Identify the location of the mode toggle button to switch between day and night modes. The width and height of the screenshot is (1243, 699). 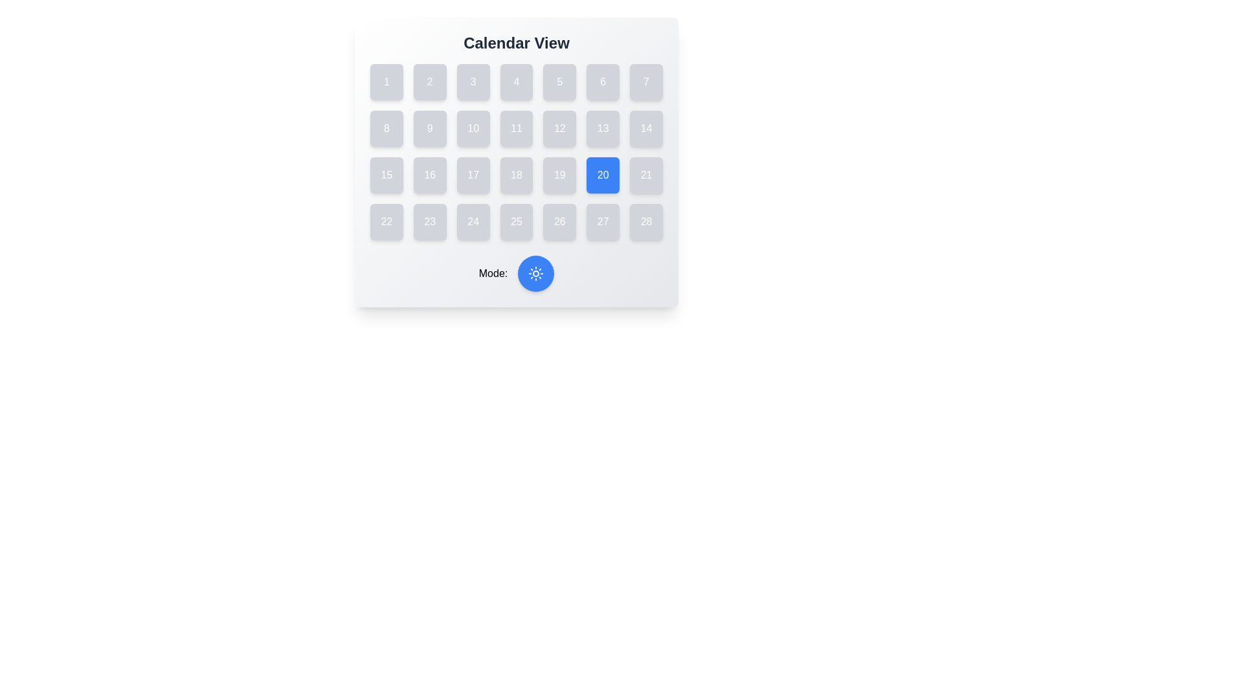
(536, 273).